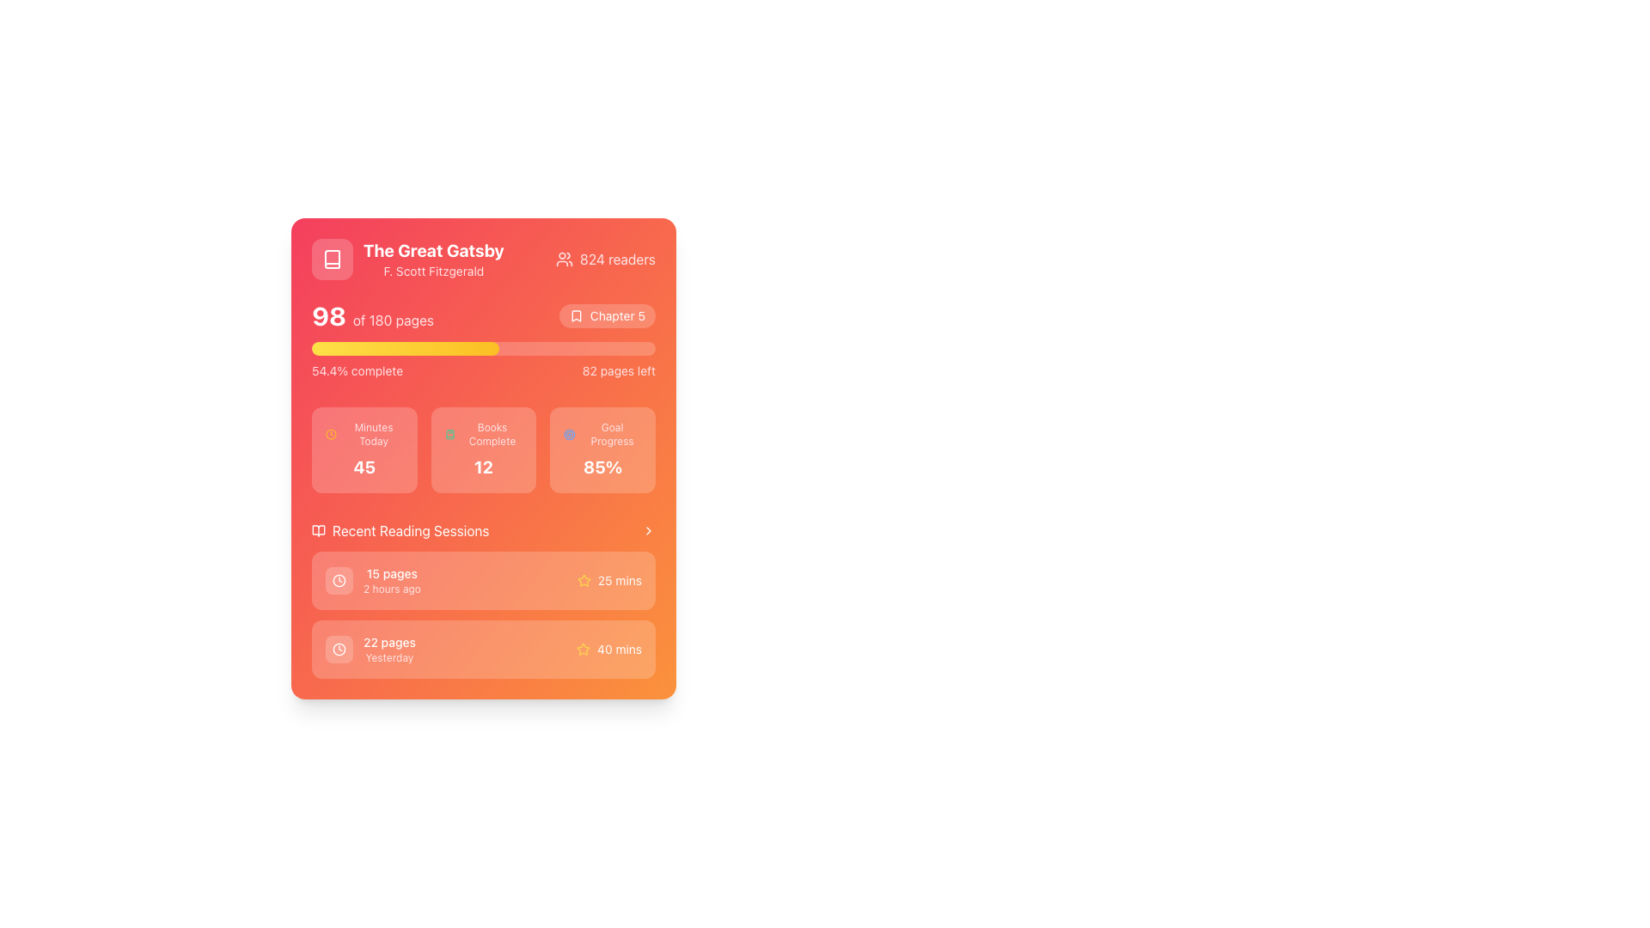  Describe the element at coordinates (406, 259) in the screenshot. I see `the Text Display element that serves as the title and author section for the book, located in the top-left corner of the card interface beneath the book icon` at that location.